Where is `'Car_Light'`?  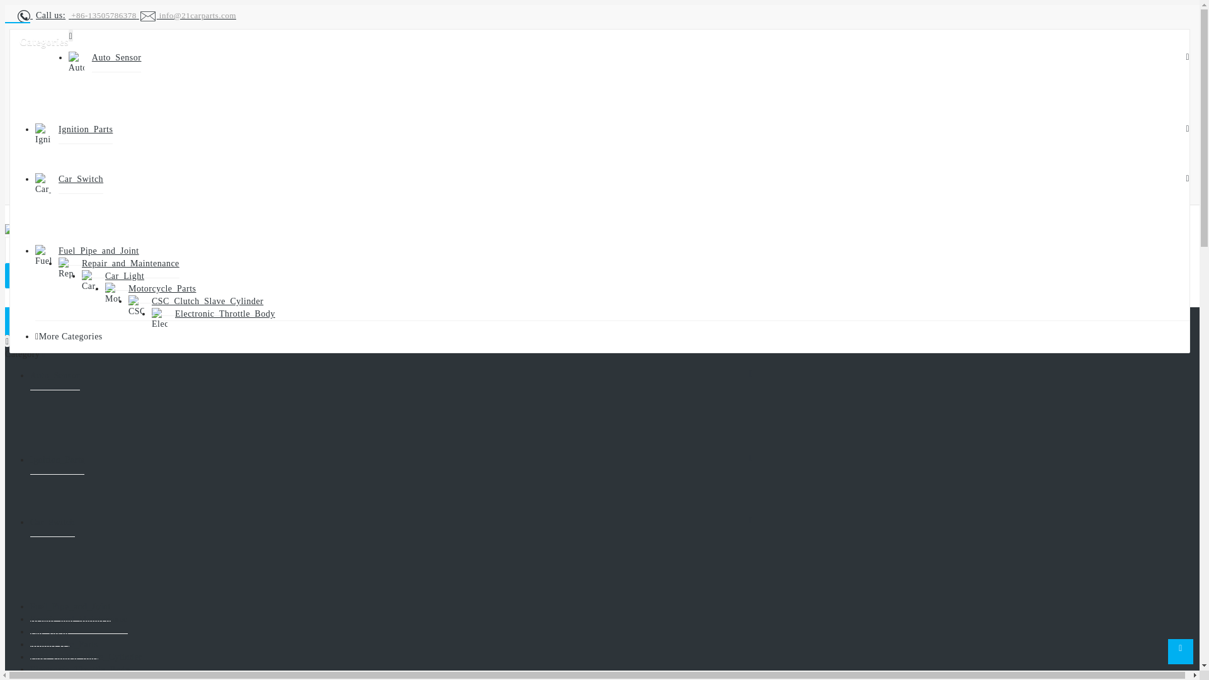
'Car_Light' is located at coordinates (49, 632).